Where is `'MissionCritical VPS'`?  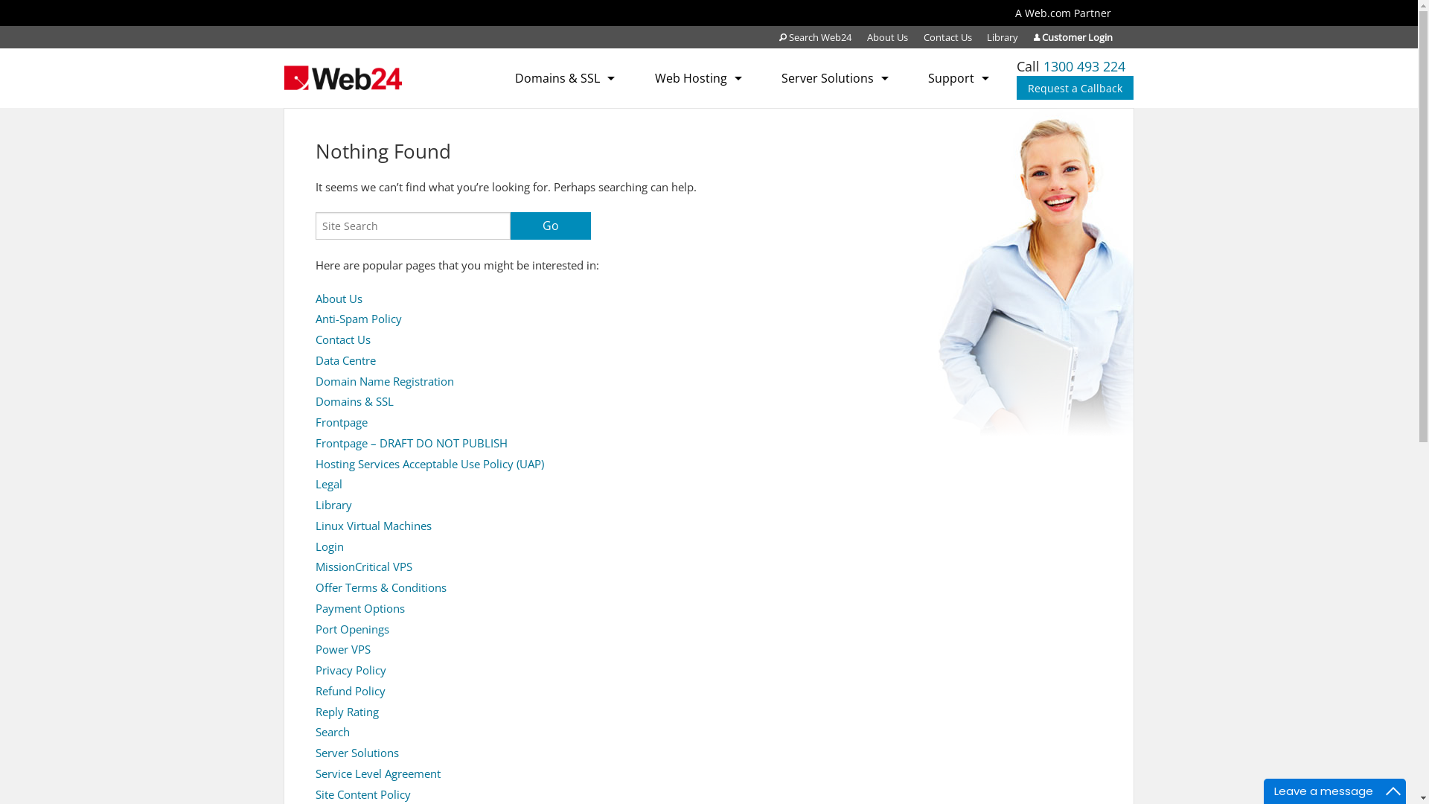
'MissionCritical VPS' is located at coordinates (364, 567).